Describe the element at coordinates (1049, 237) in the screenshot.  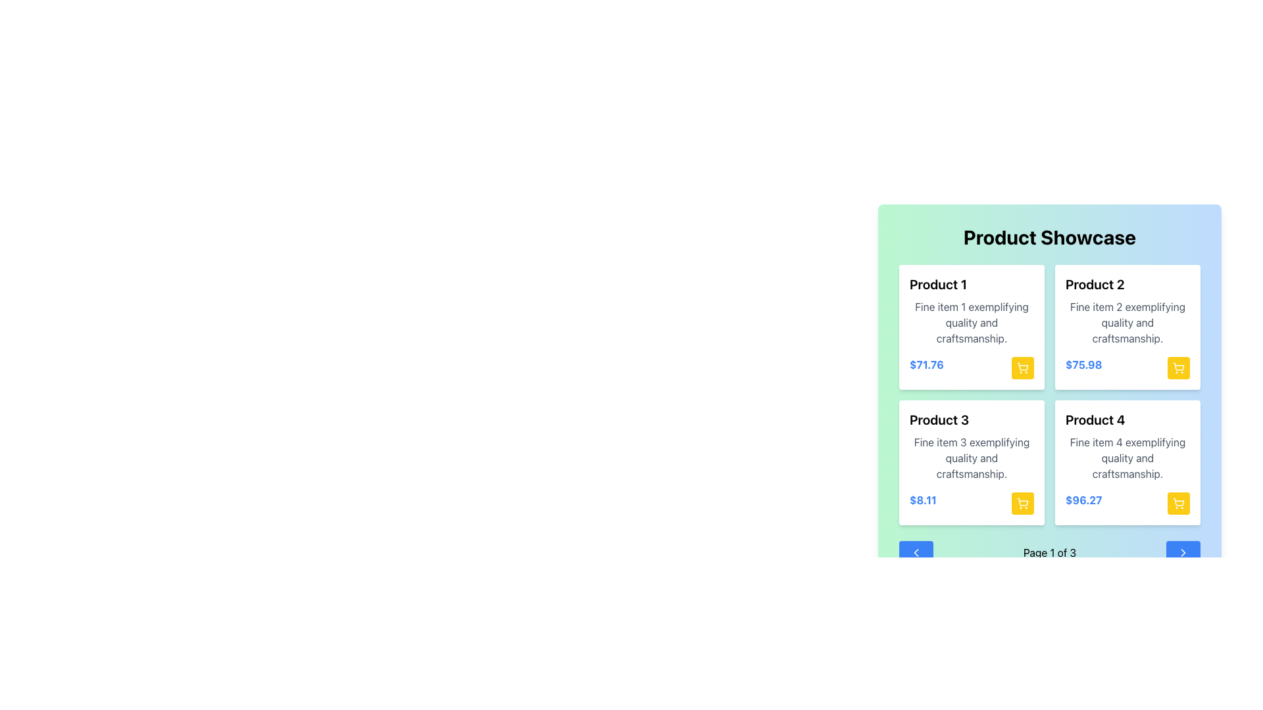
I see `the Static text header that serves as the title for the section containing product details, which is centered horizontally above the grid of product listings` at that location.